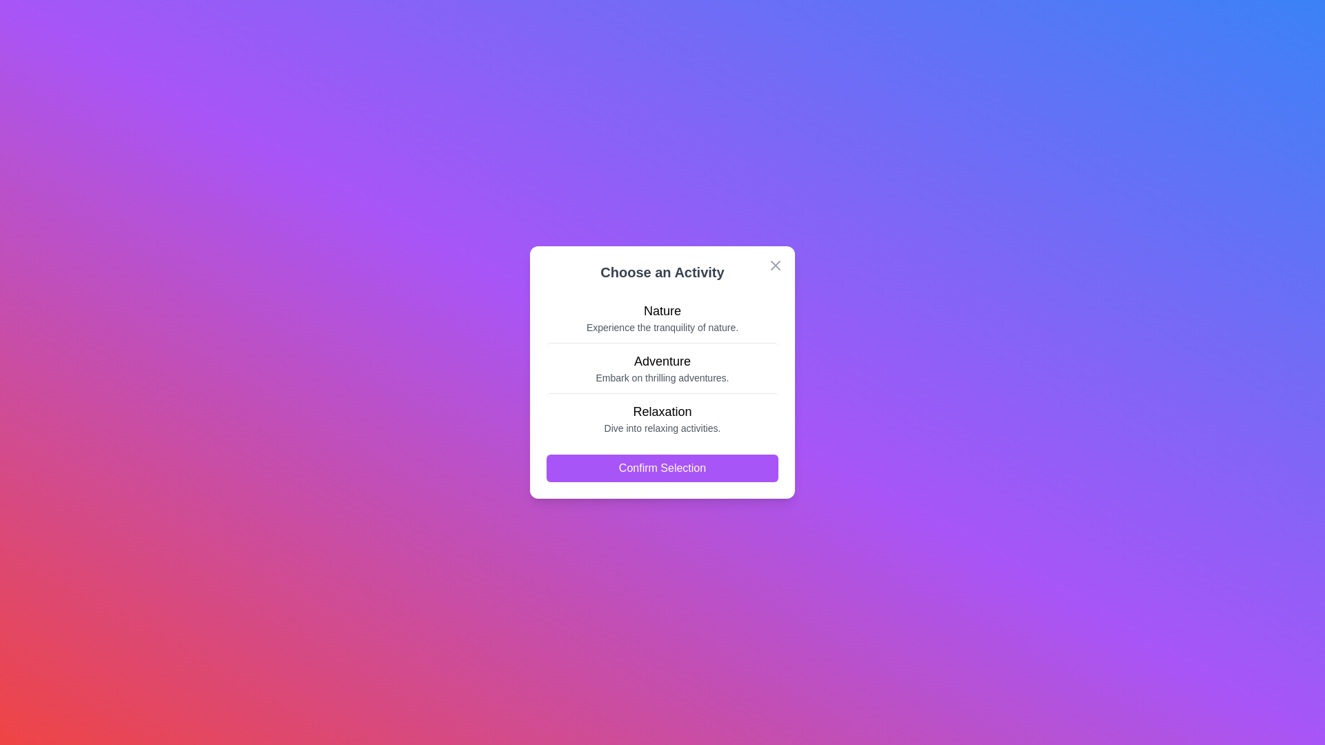  What do you see at coordinates (775, 266) in the screenshot?
I see `the close button located at the top-right corner of the modal` at bounding box center [775, 266].